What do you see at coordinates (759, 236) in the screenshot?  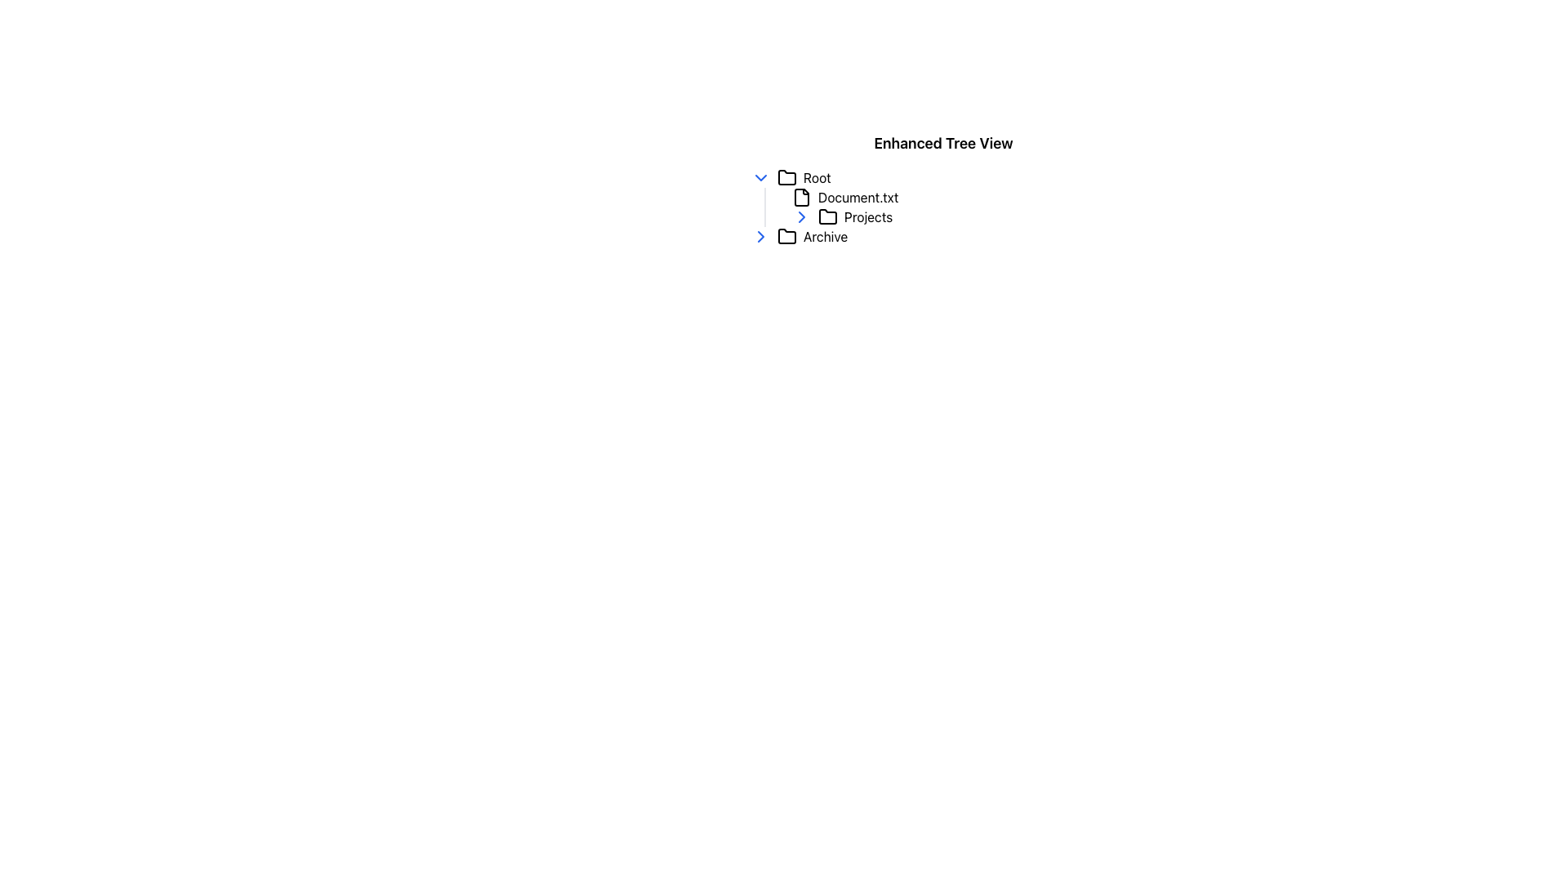 I see `the right-pointing blue chevron icon located to the left of the word 'Archive' to trigger its hover state` at bounding box center [759, 236].